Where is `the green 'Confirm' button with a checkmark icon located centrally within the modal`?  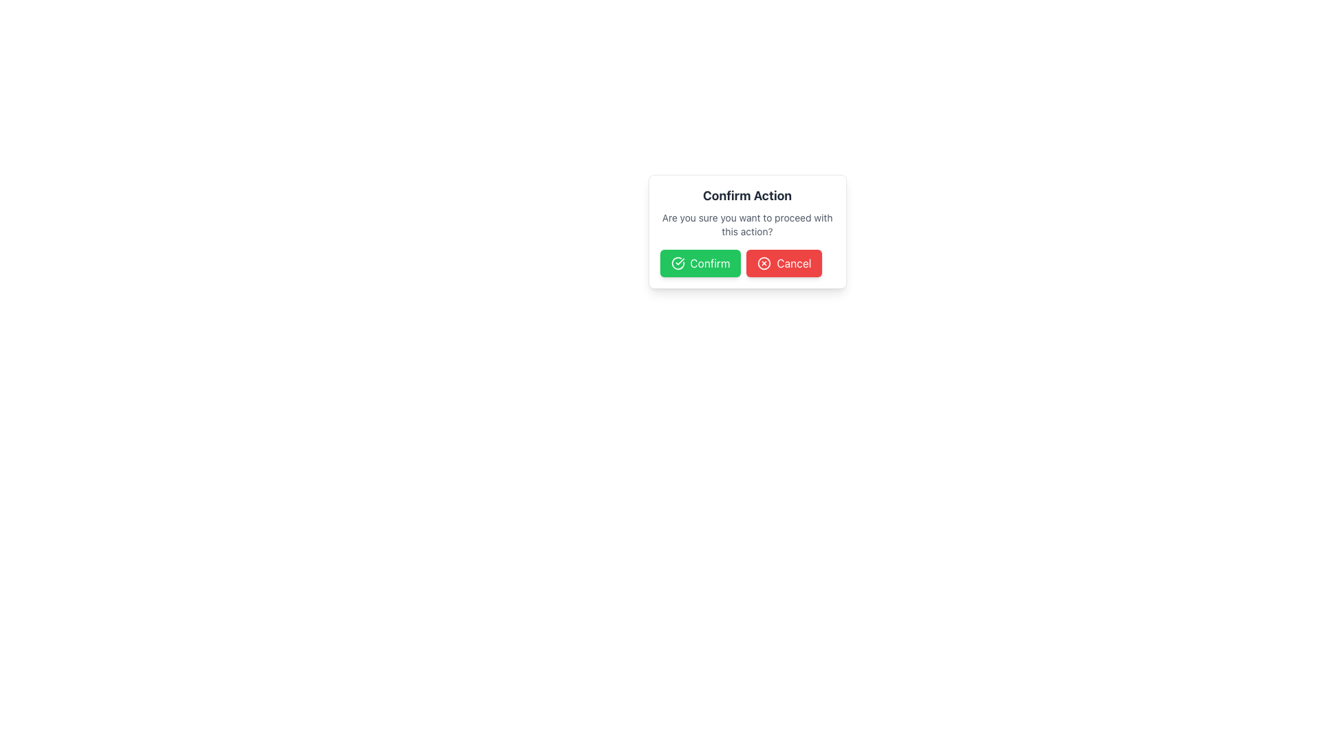 the green 'Confirm' button with a checkmark icon located centrally within the modal is located at coordinates (700, 263).